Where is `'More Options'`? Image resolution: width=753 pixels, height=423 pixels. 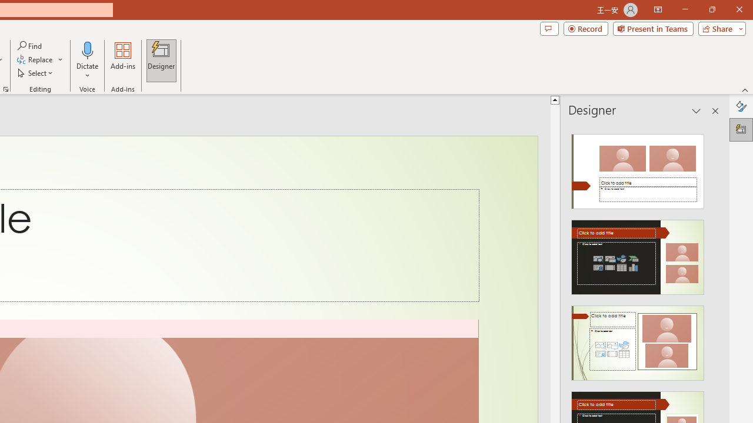 'More Options' is located at coordinates (87, 71).